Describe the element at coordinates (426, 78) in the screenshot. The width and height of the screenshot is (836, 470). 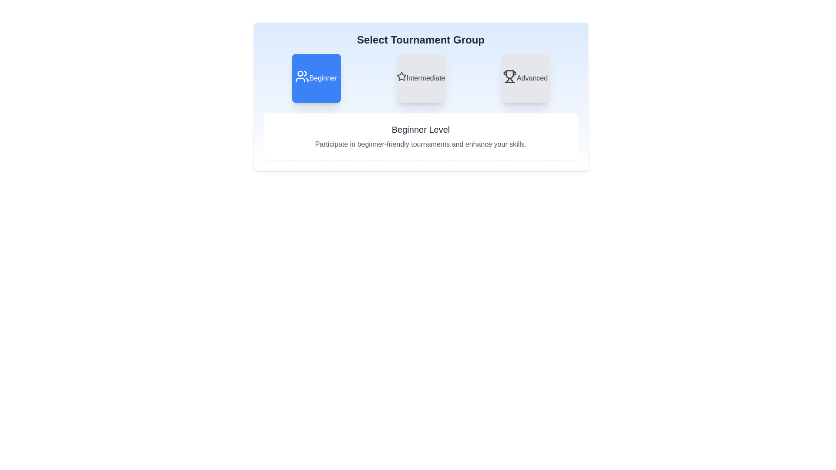
I see `the 'Intermediate' text label, which is centrally positioned on a rectangular button with rounded corners in a selection group` at that location.